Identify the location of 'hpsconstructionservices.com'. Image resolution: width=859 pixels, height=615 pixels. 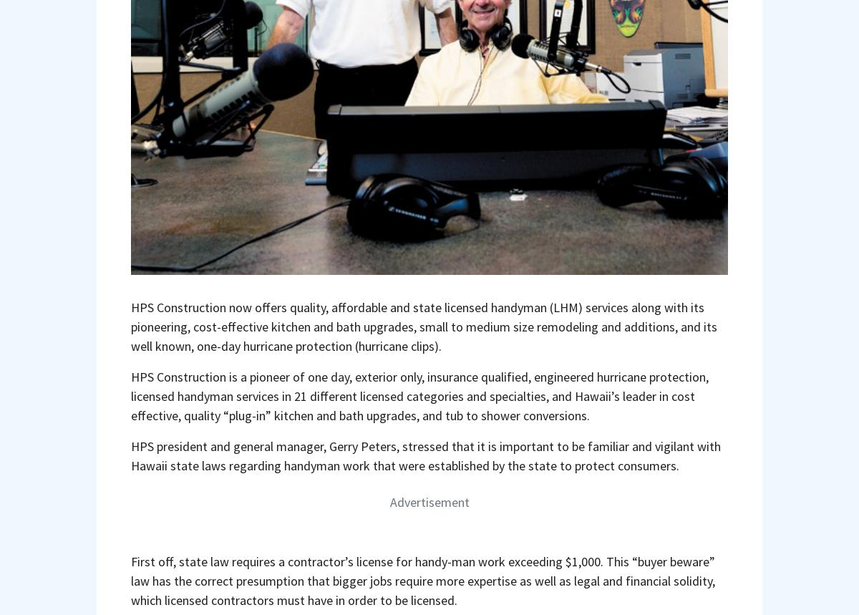
(236, 139).